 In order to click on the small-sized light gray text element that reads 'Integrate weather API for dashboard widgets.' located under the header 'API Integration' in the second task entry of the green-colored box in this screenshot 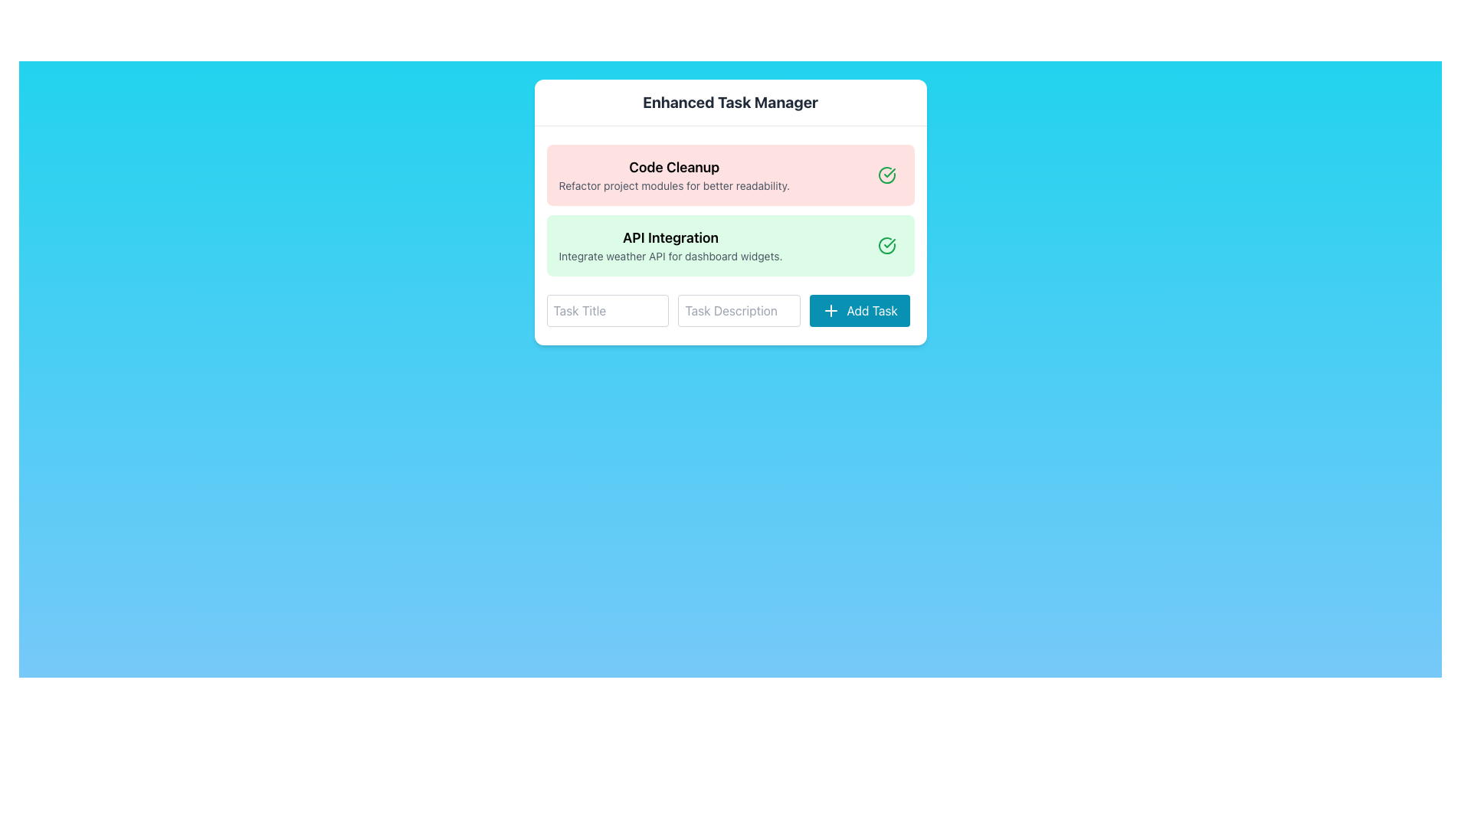, I will do `click(670, 256)`.